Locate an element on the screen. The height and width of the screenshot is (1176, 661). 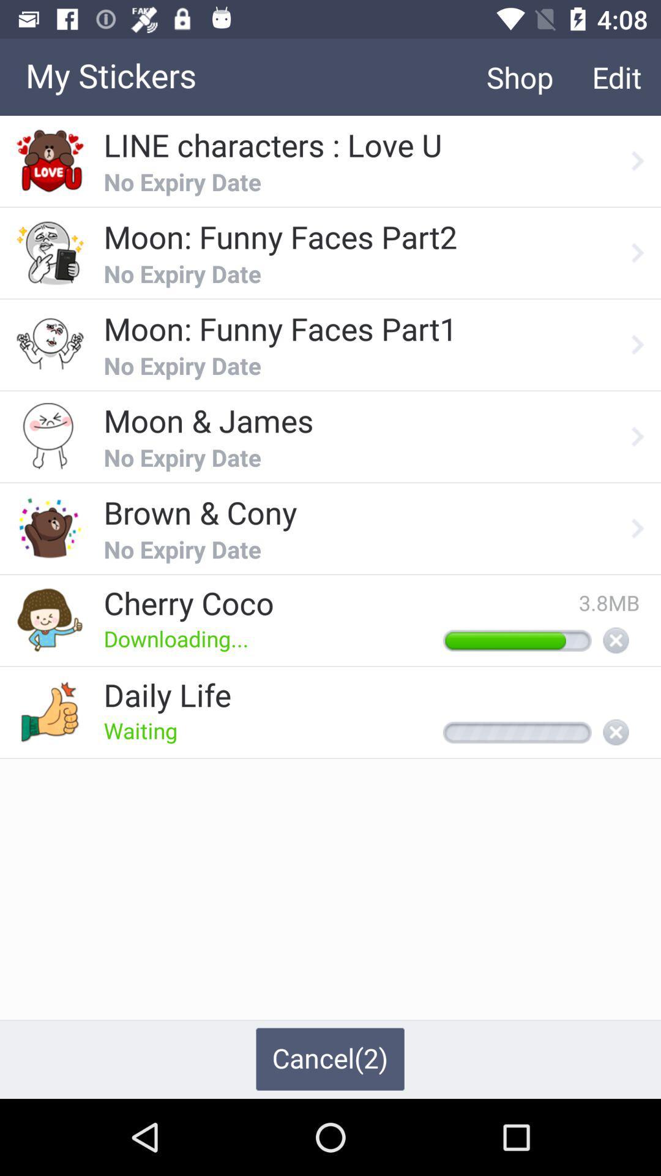
go close is located at coordinates (616, 733).